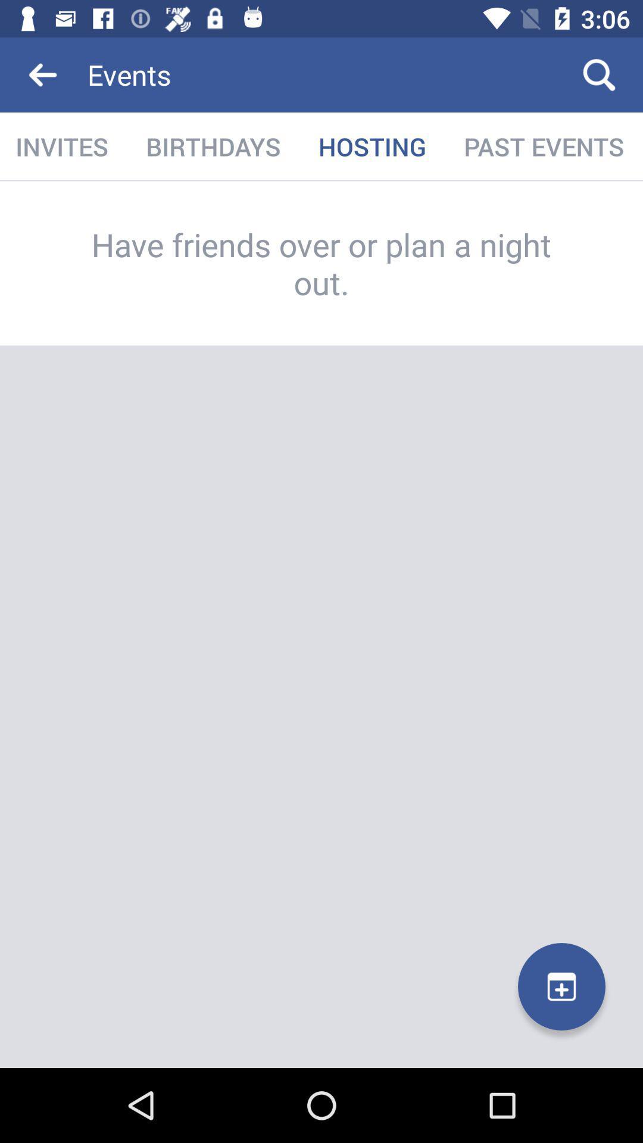  Describe the element at coordinates (544, 146) in the screenshot. I see `the item below the events item` at that location.